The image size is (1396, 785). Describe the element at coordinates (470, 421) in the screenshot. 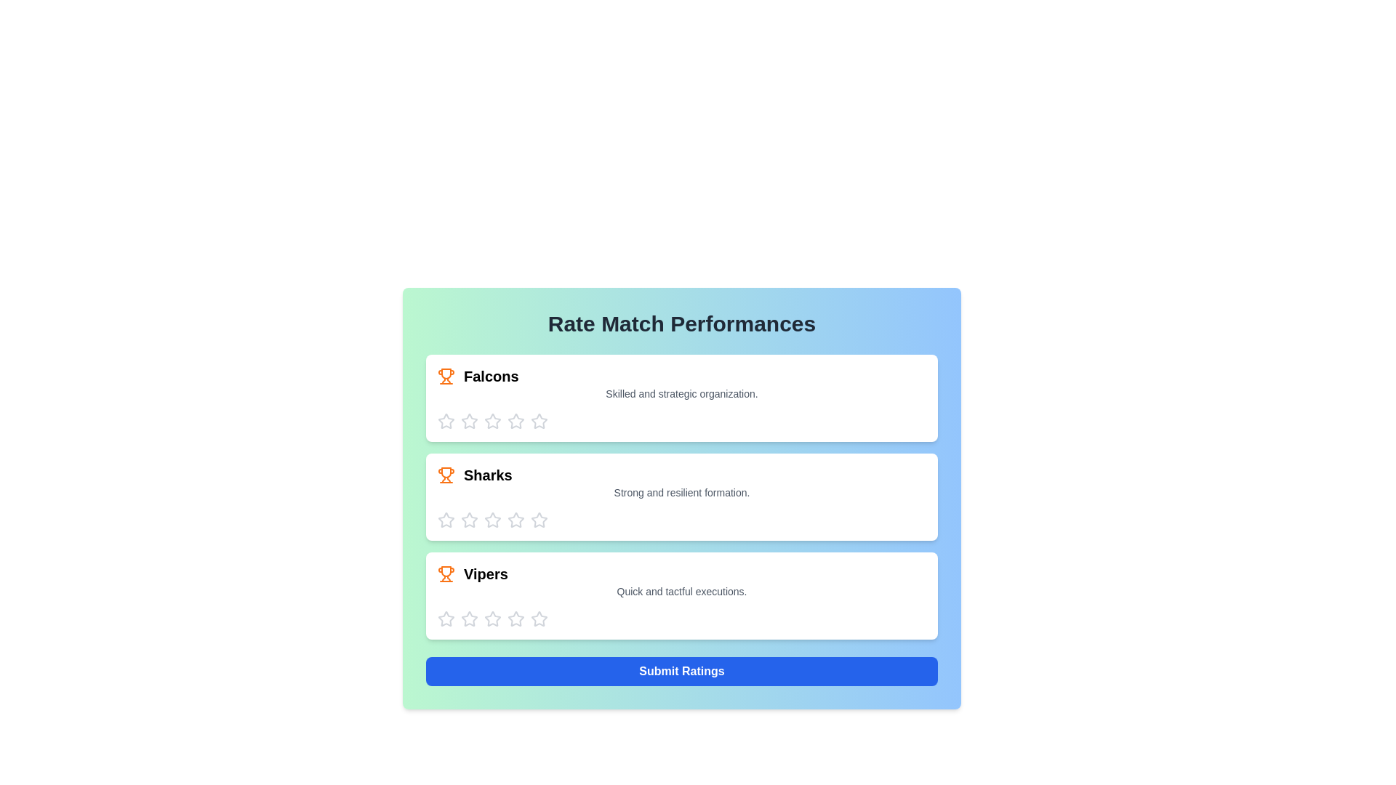

I see `the Falcons team's 2 star to set the rating` at that location.